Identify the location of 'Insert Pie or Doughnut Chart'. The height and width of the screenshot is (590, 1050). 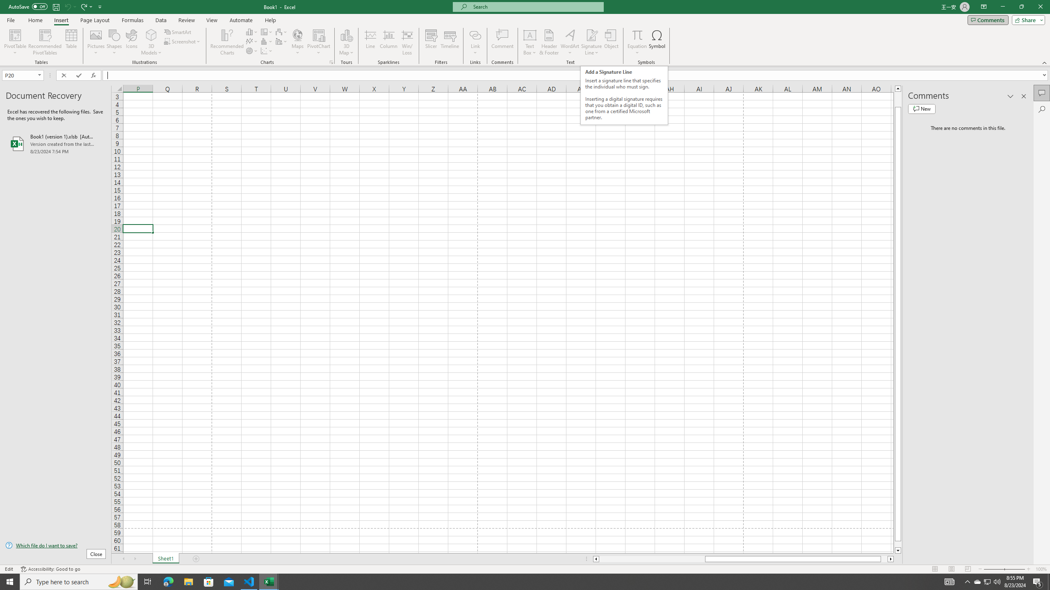
(251, 50).